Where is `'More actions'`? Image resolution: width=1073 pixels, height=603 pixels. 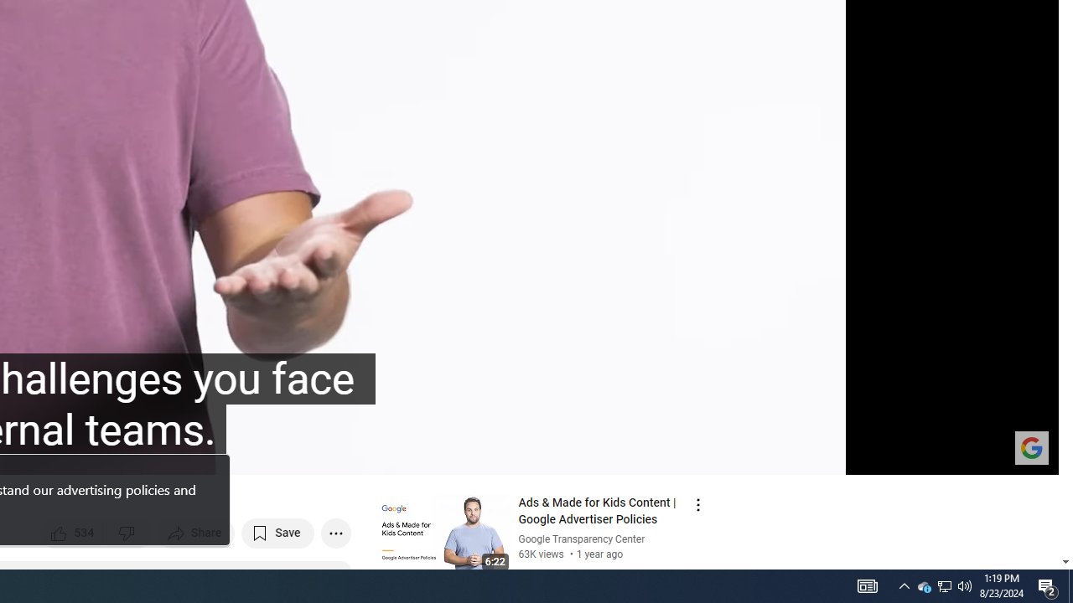
'More actions' is located at coordinates (335, 533).